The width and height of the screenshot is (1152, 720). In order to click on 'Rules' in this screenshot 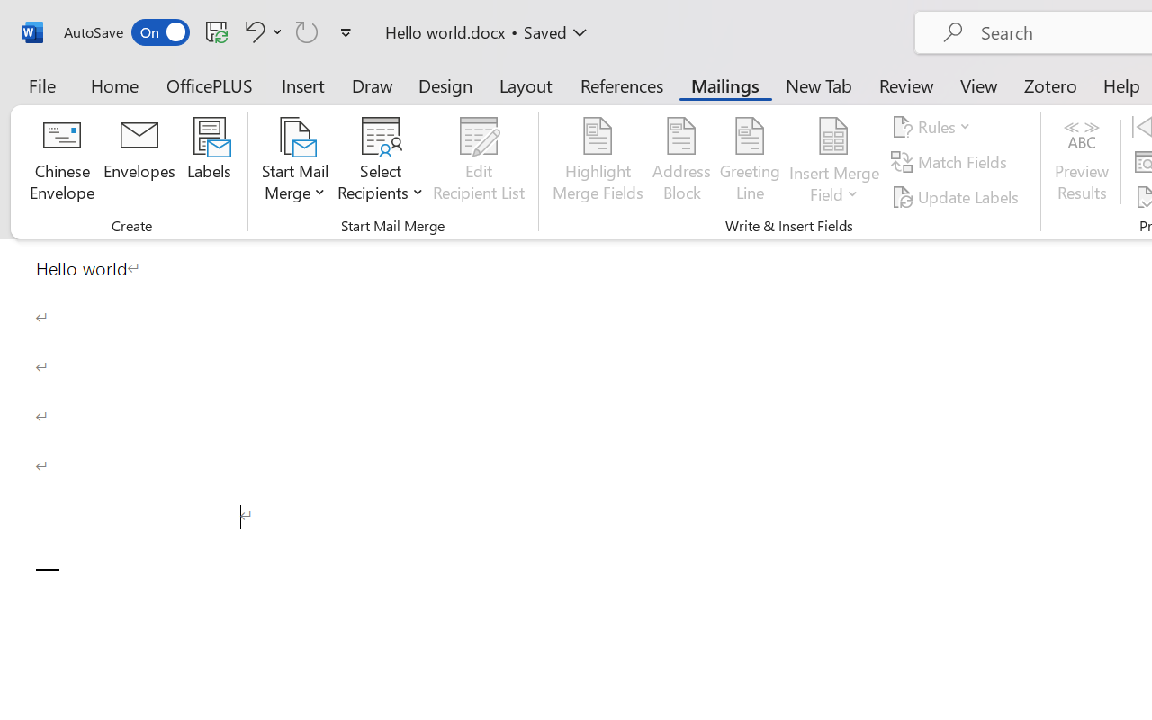, I will do `click(934, 127)`.